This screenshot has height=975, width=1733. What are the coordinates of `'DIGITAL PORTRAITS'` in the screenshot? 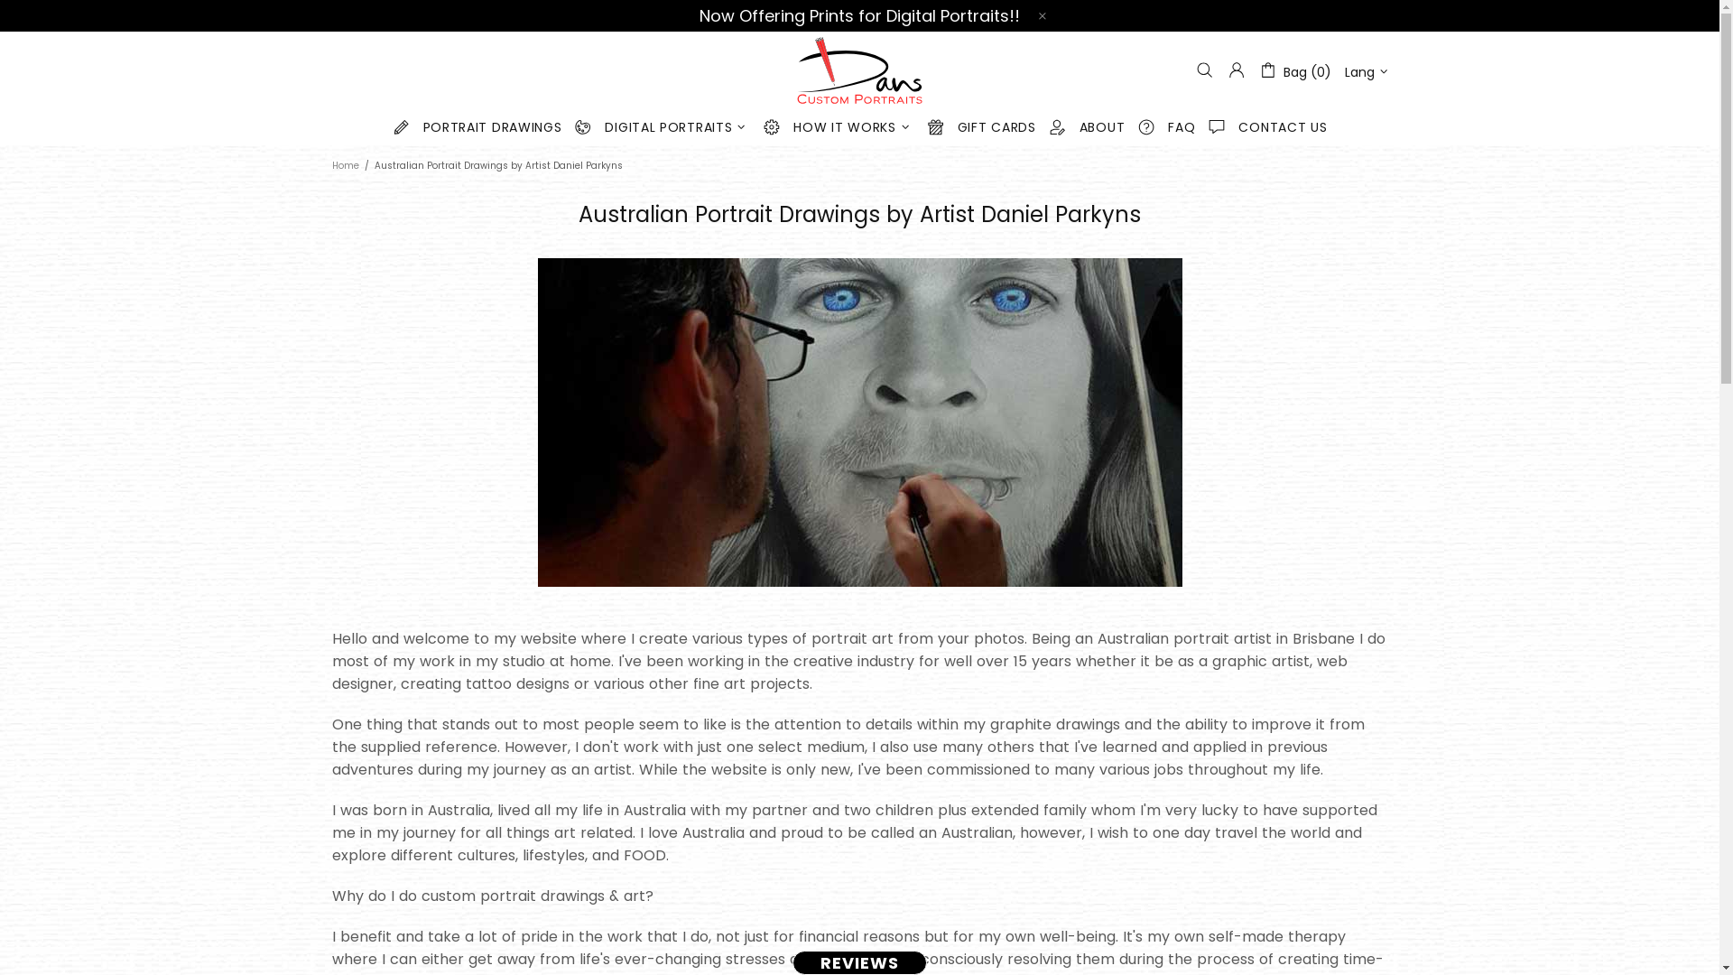 It's located at (661, 126).